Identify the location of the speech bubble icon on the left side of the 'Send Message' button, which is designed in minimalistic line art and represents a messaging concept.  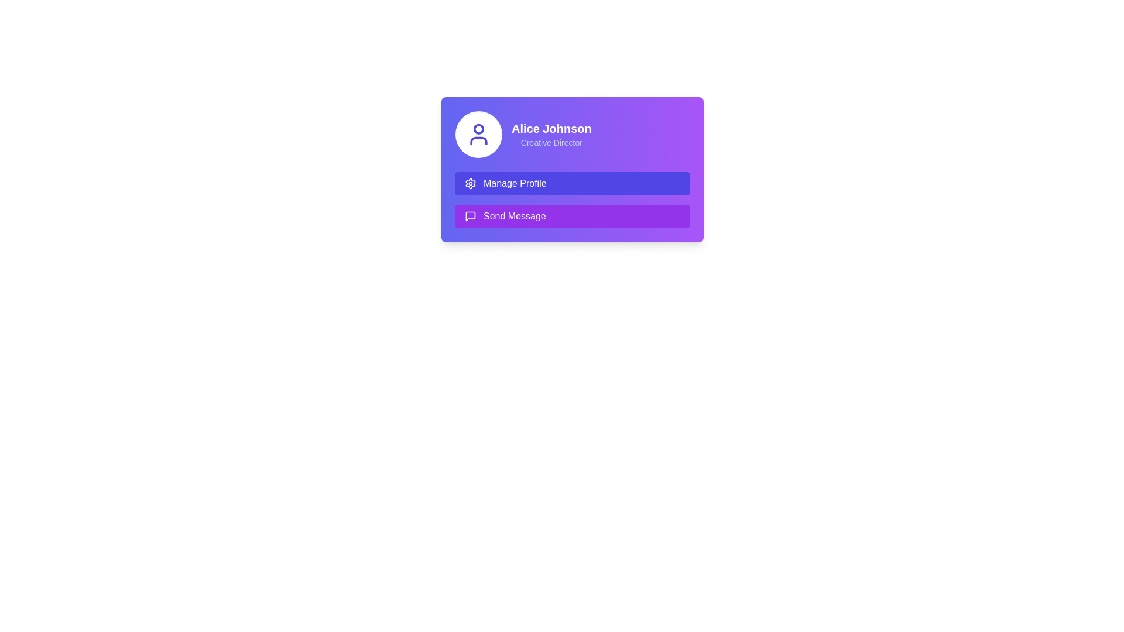
(471, 217).